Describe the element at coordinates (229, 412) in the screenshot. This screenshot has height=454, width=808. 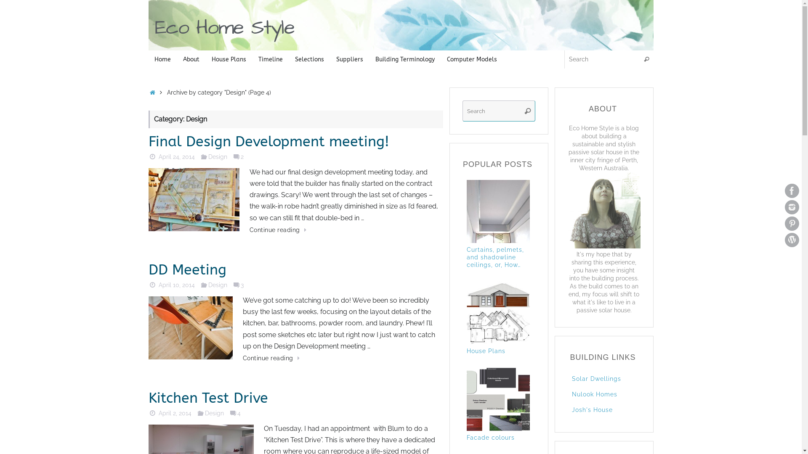
I see `'4 Comments'` at that location.